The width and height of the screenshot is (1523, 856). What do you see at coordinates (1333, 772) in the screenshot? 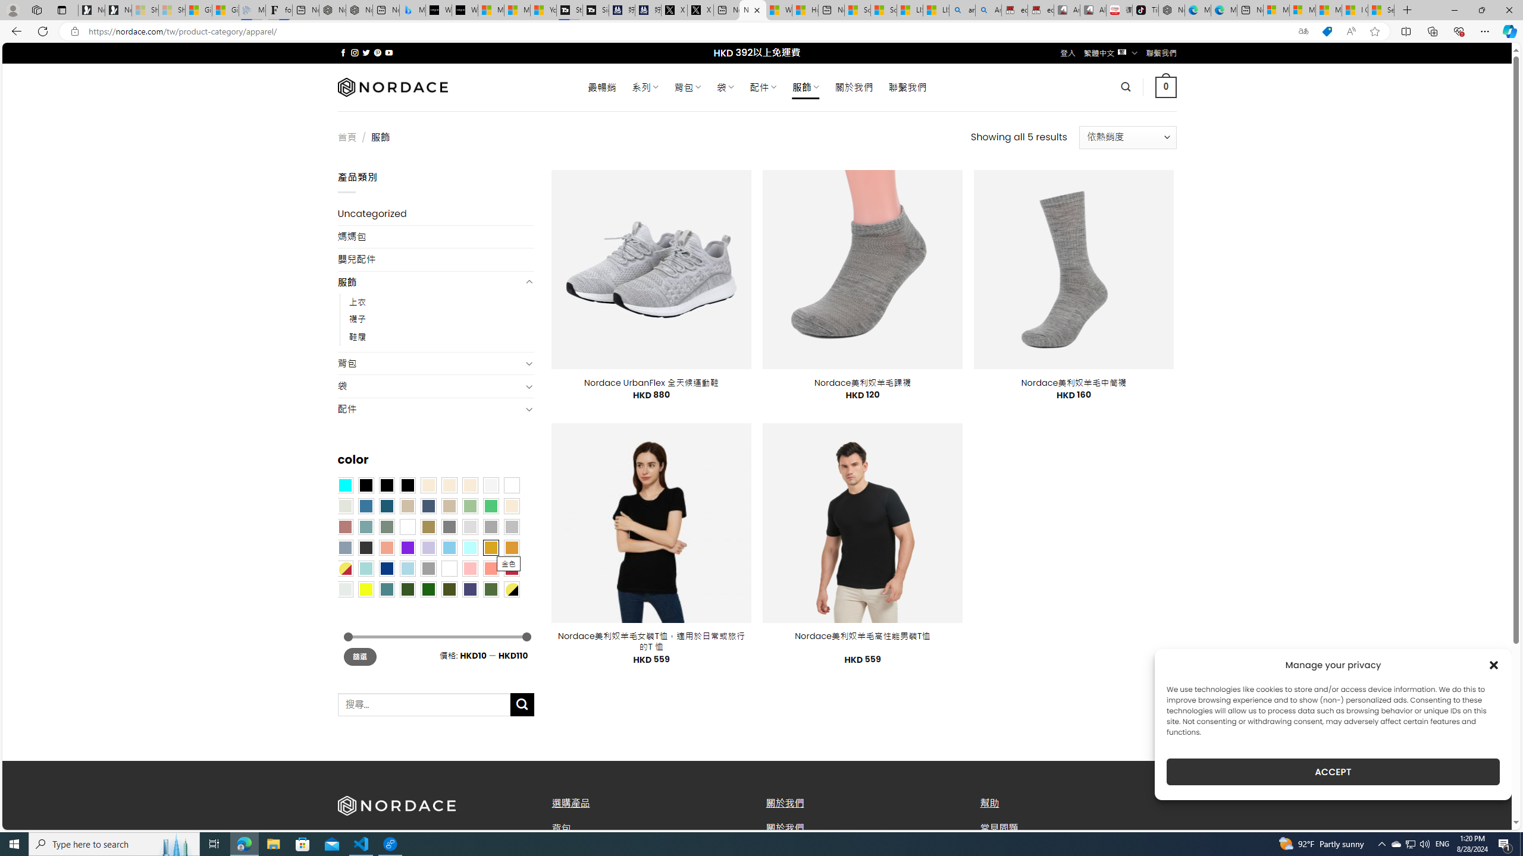
I see `'ACCEPT'` at bounding box center [1333, 772].